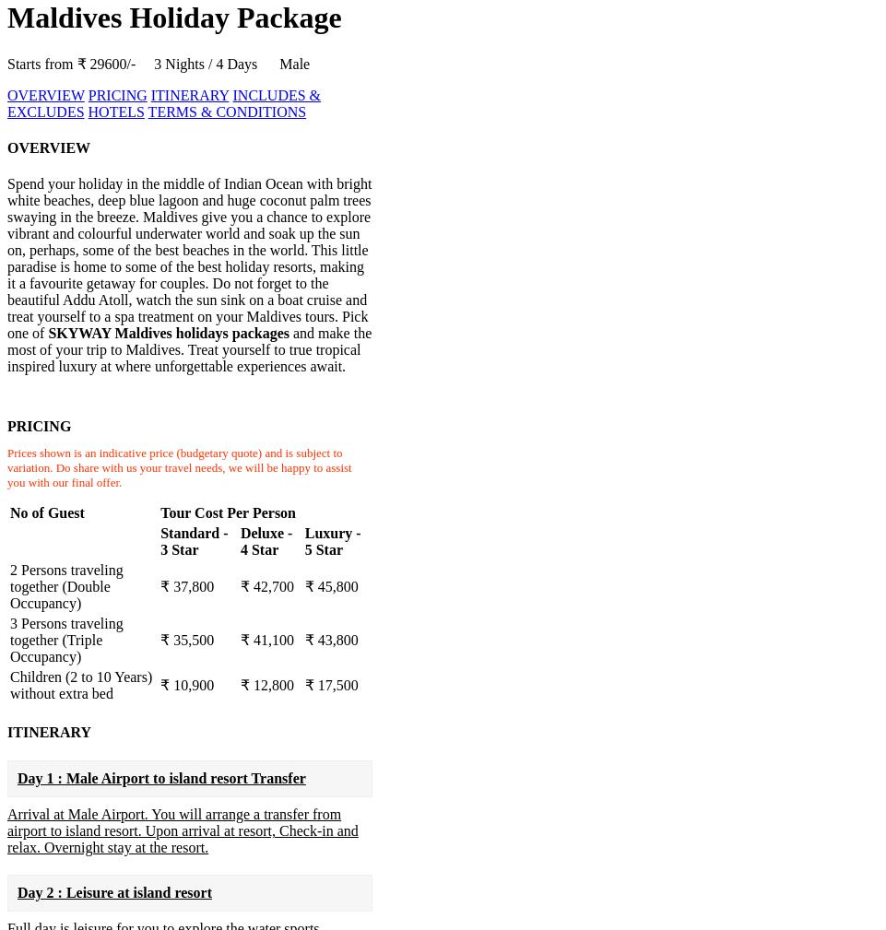 Image resolution: width=886 pixels, height=930 pixels. What do you see at coordinates (80, 62) in the screenshot?
I see `'Starts from ₹ 29600/-'` at bounding box center [80, 62].